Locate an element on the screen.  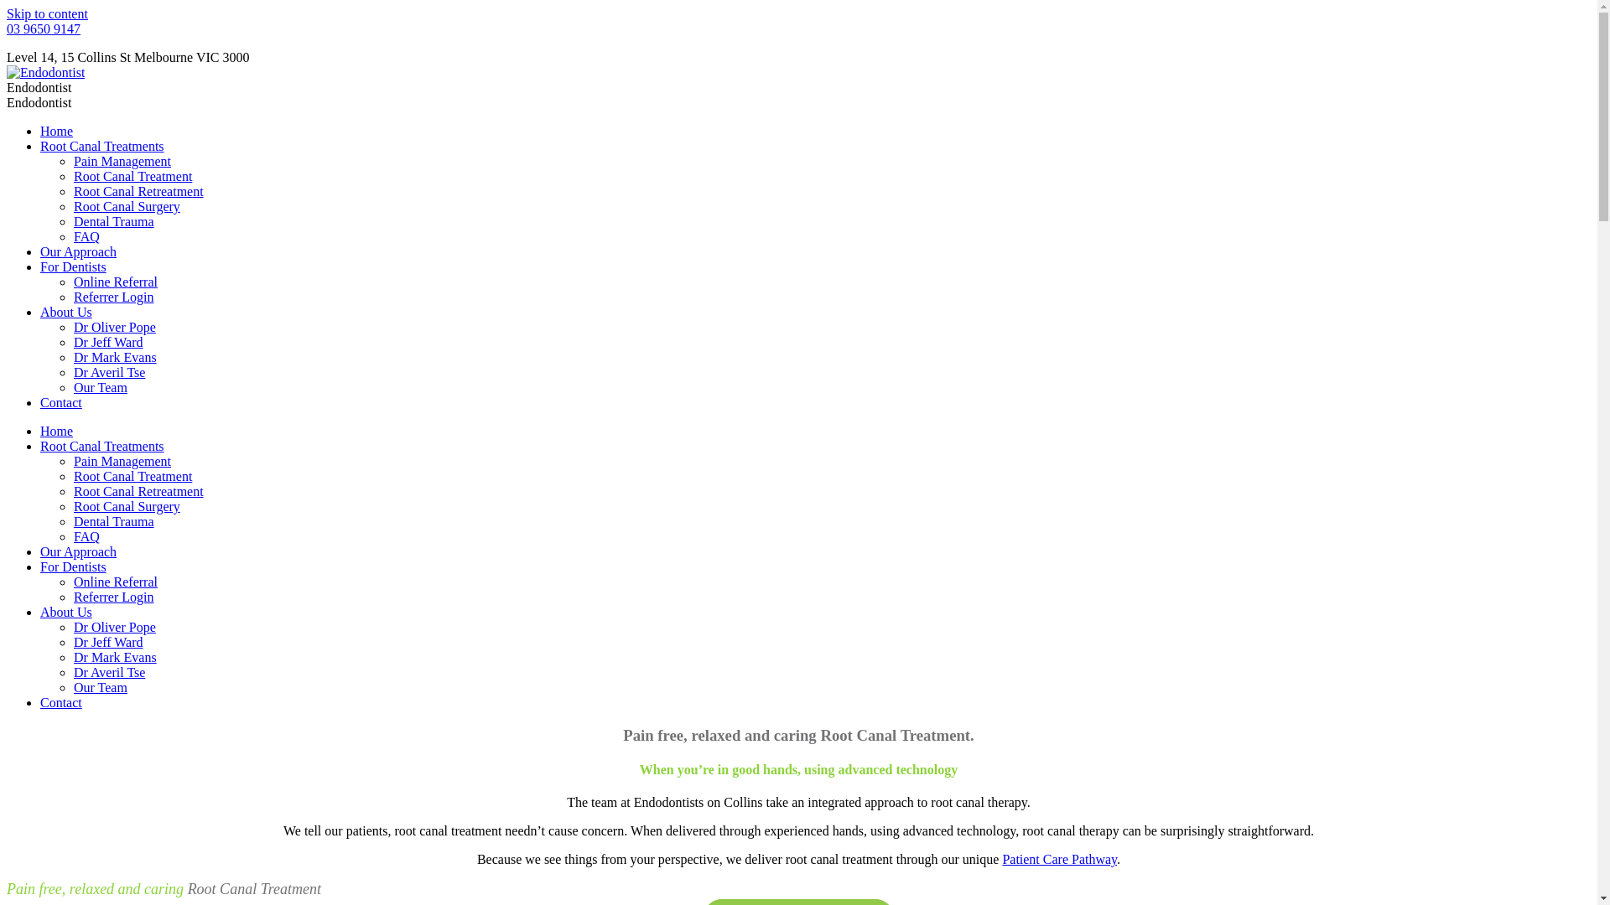
'Contact' is located at coordinates (40, 702).